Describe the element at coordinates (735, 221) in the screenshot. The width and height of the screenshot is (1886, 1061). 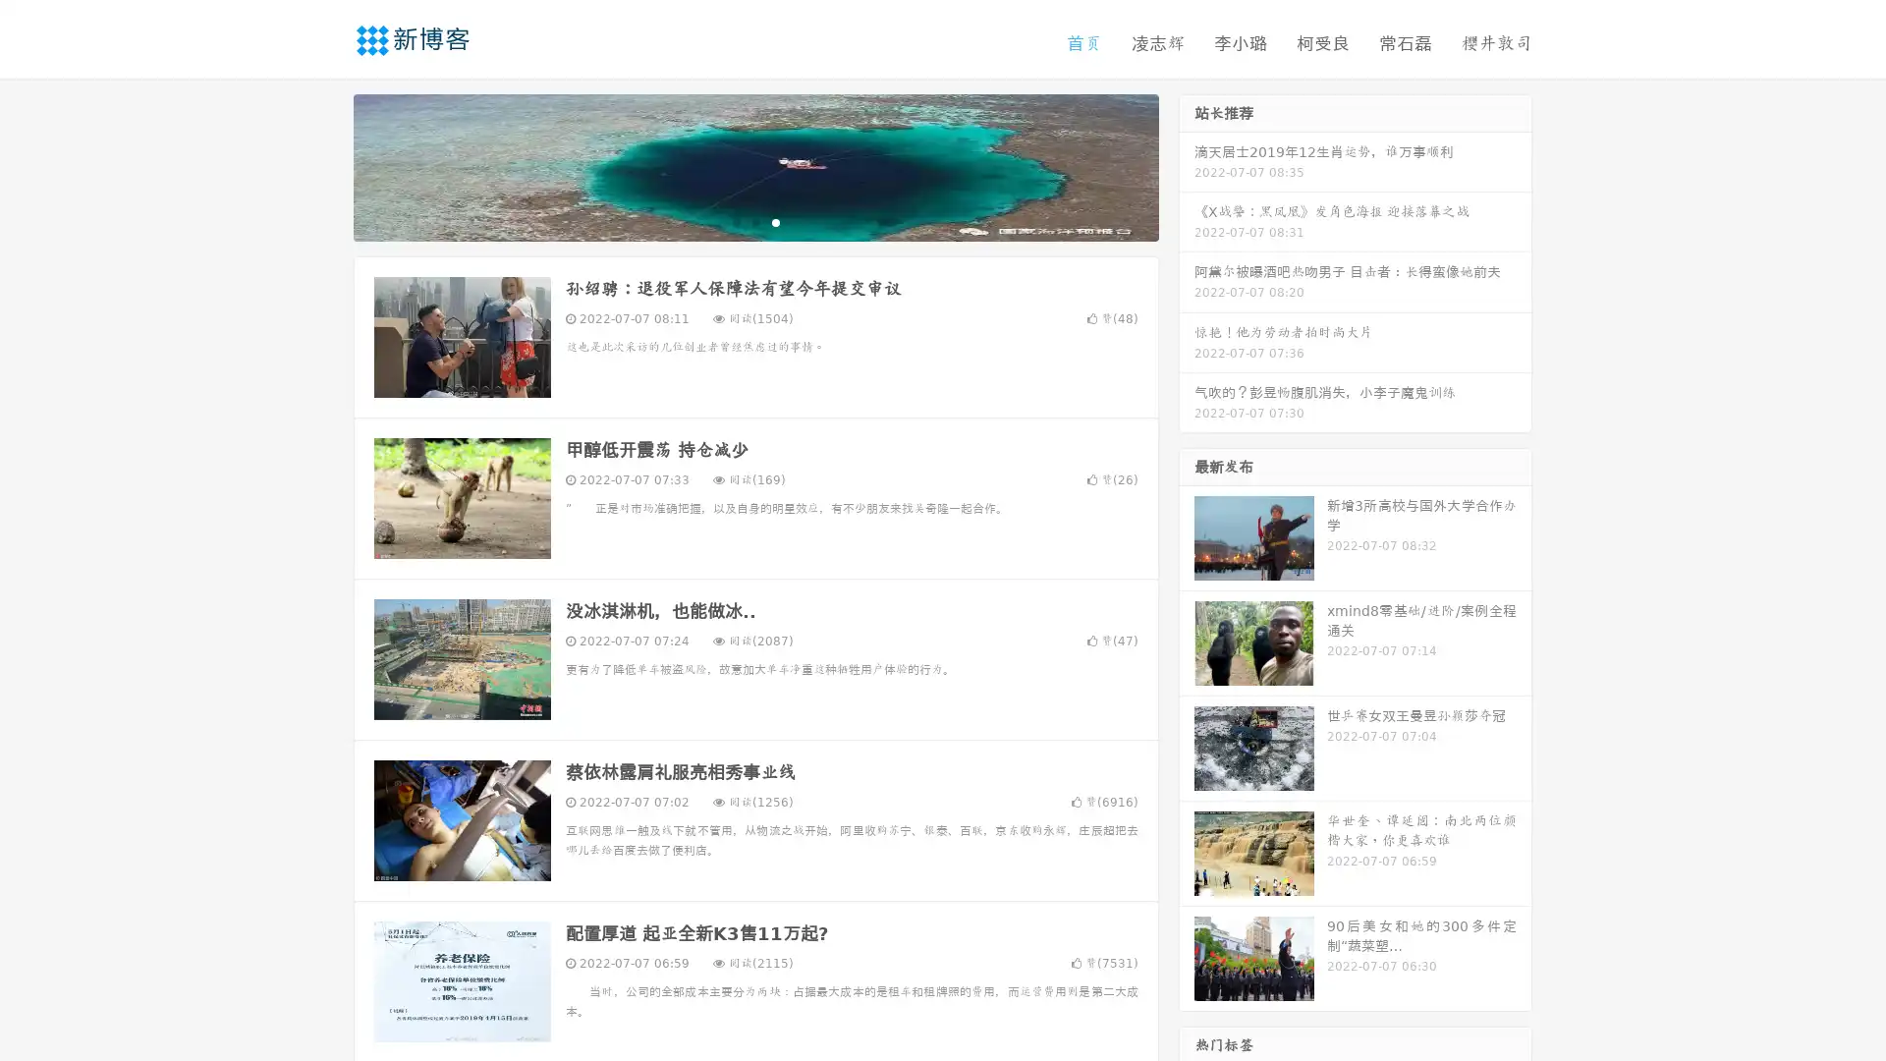
I see `Go to slide 1` at that location.